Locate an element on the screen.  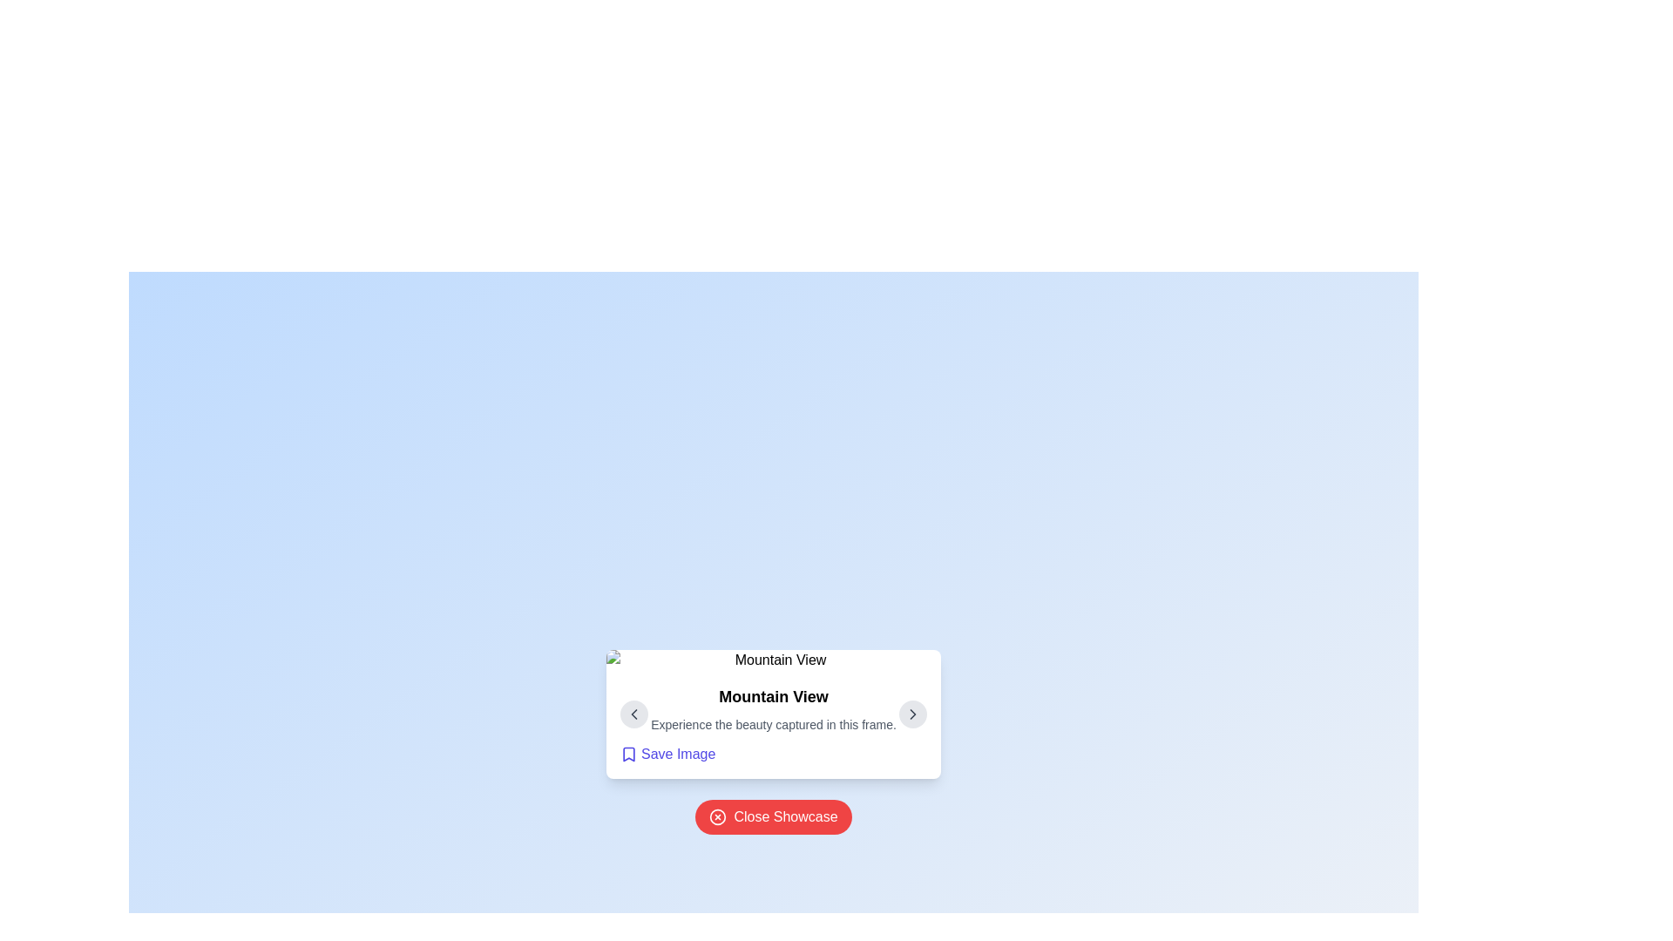
the right-pointing chevron arrow icon located within the circular button on the right side of the card layout near the title 'Mountain View' is located at coordinates (911, 714).